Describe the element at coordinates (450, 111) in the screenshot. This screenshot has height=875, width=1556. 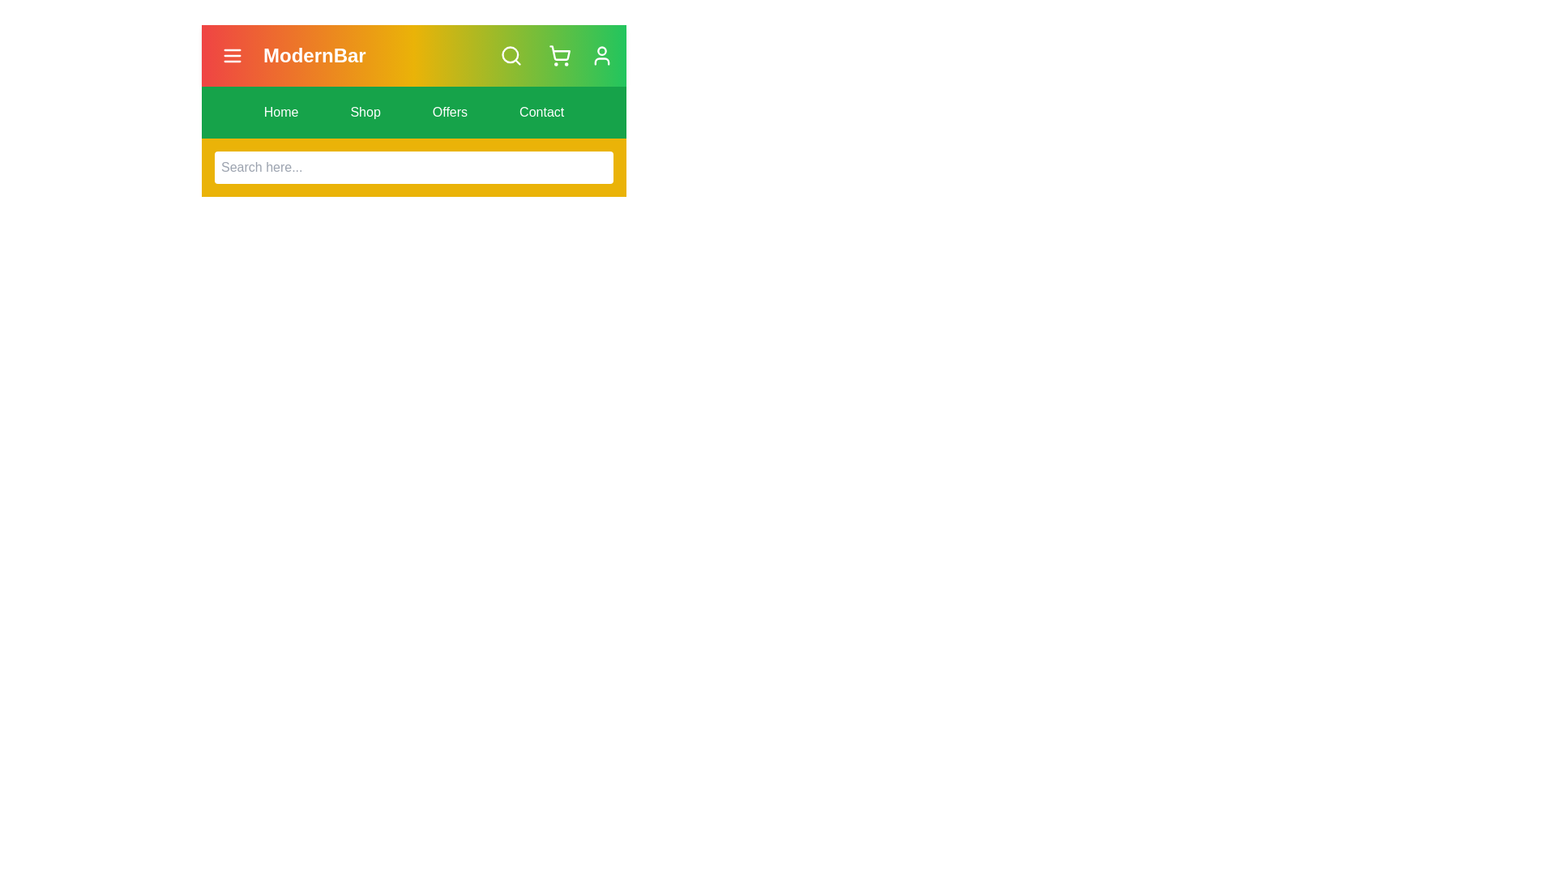
I see `the navigation menu item labeled Offers` at that location.